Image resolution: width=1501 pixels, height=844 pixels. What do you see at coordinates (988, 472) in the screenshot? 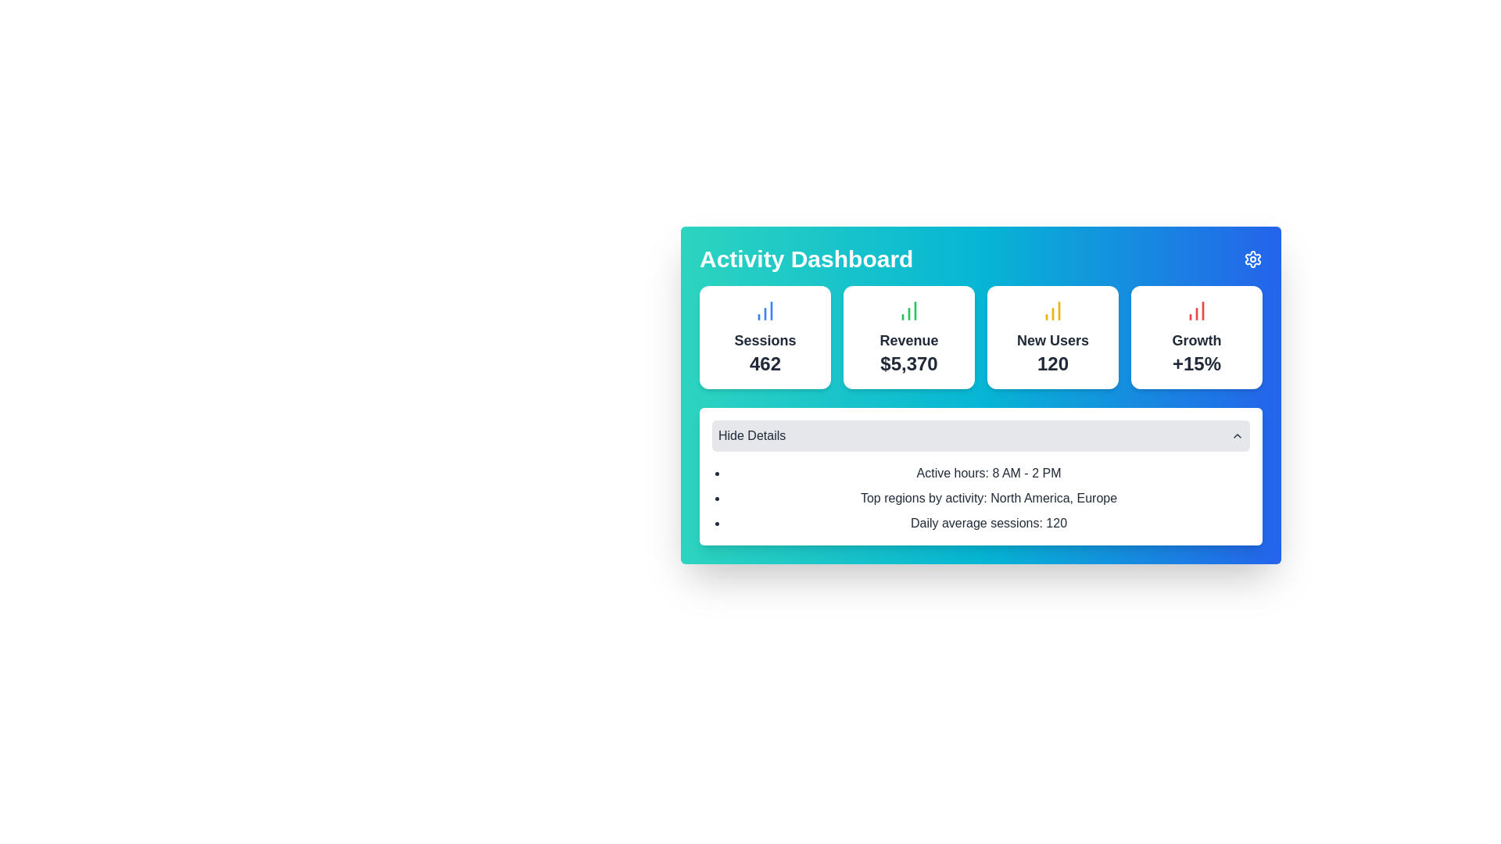
I see `the text label that informs users about the active hours related to the dashboard's data, which is the first item in the unordered list under the 'Hide Details' section of the Activity Dashboard` at bounding box center [988, 472].